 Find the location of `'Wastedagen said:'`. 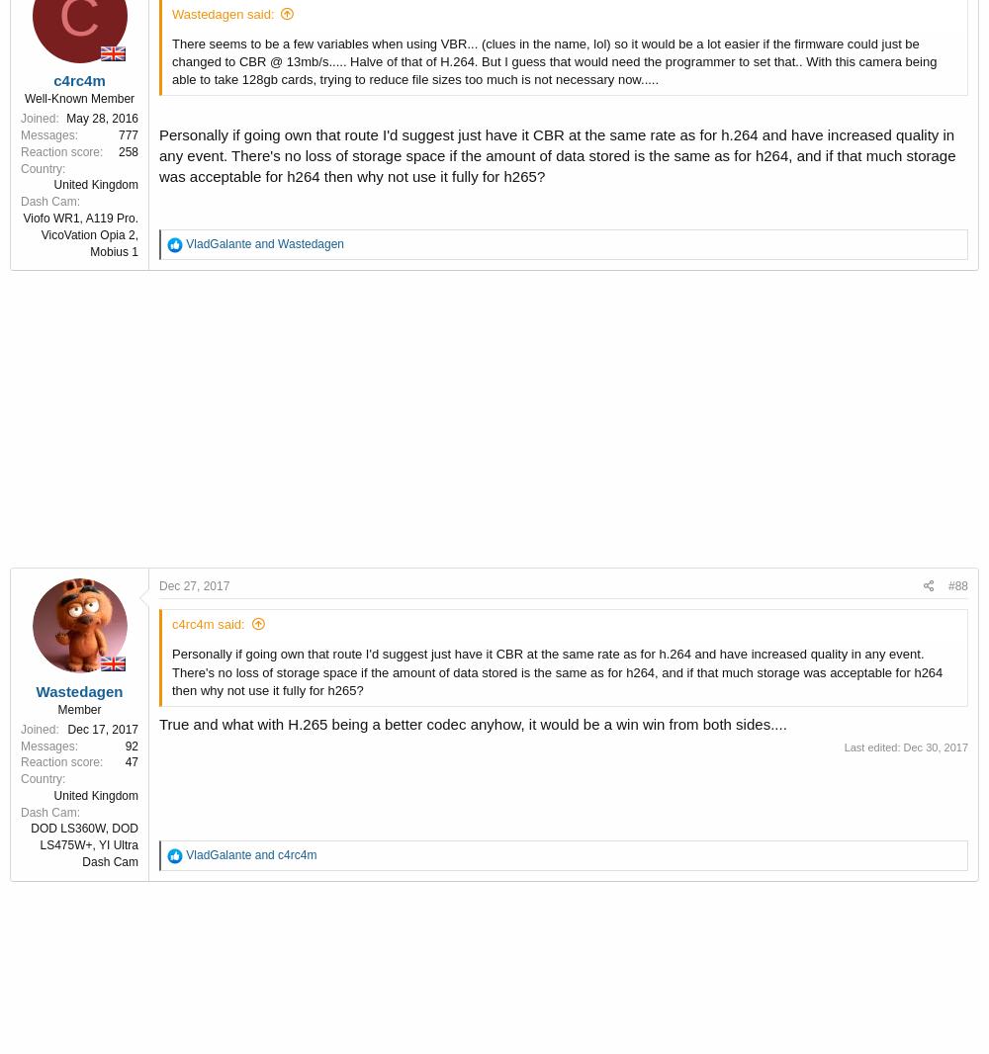

'Wastedagen said:' is located at coordinates (222, 12).